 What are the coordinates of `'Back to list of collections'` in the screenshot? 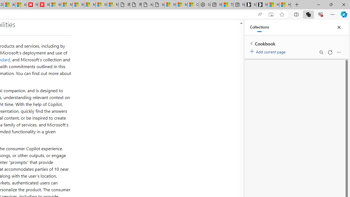 It's located at (251, 43).